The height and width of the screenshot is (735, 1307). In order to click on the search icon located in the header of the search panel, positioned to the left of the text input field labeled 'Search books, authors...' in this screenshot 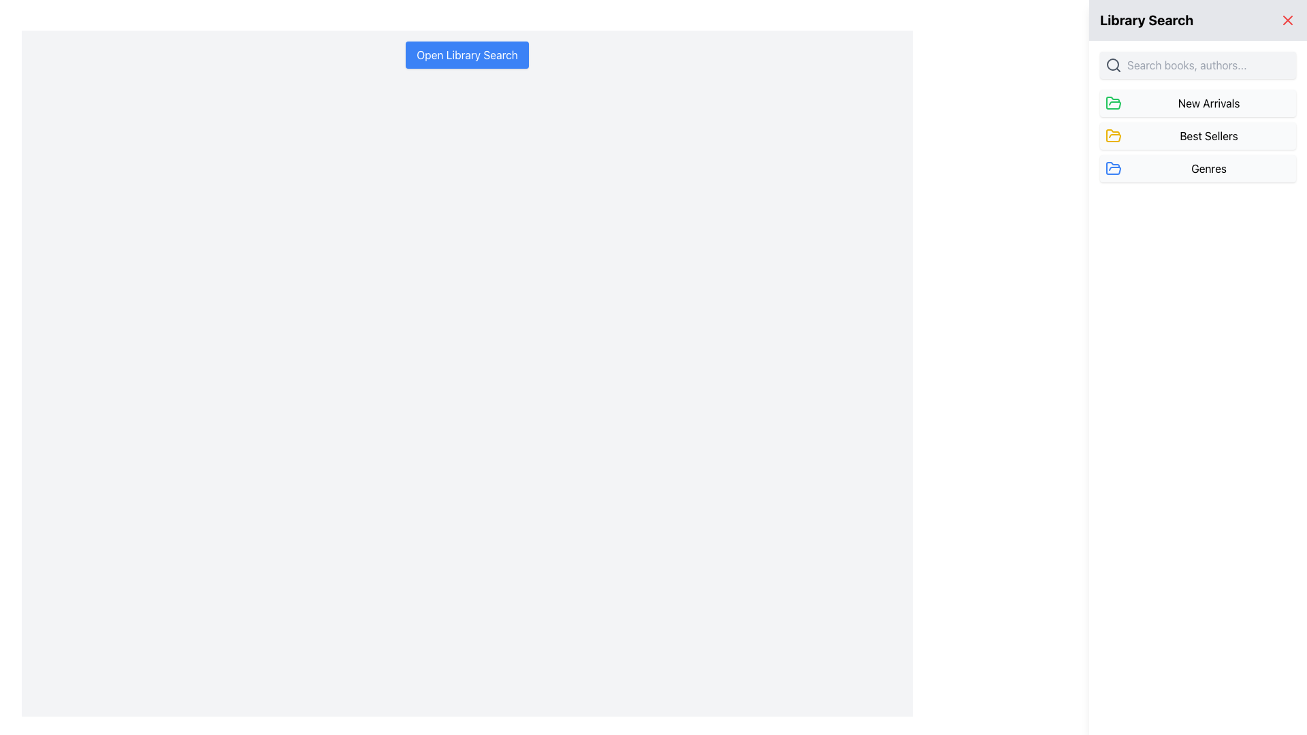, I will do `click(1114, 65)`.